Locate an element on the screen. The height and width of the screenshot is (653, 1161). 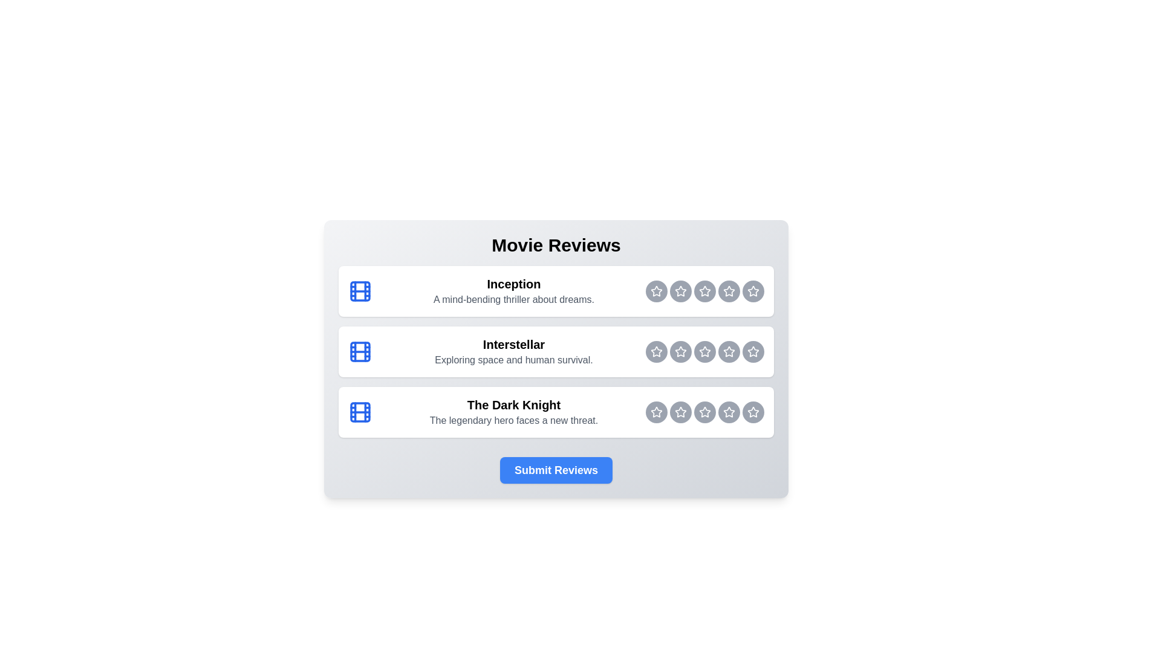
the 'Submit Reviews' button to submit the reviews is located at coordinates (556, 470).